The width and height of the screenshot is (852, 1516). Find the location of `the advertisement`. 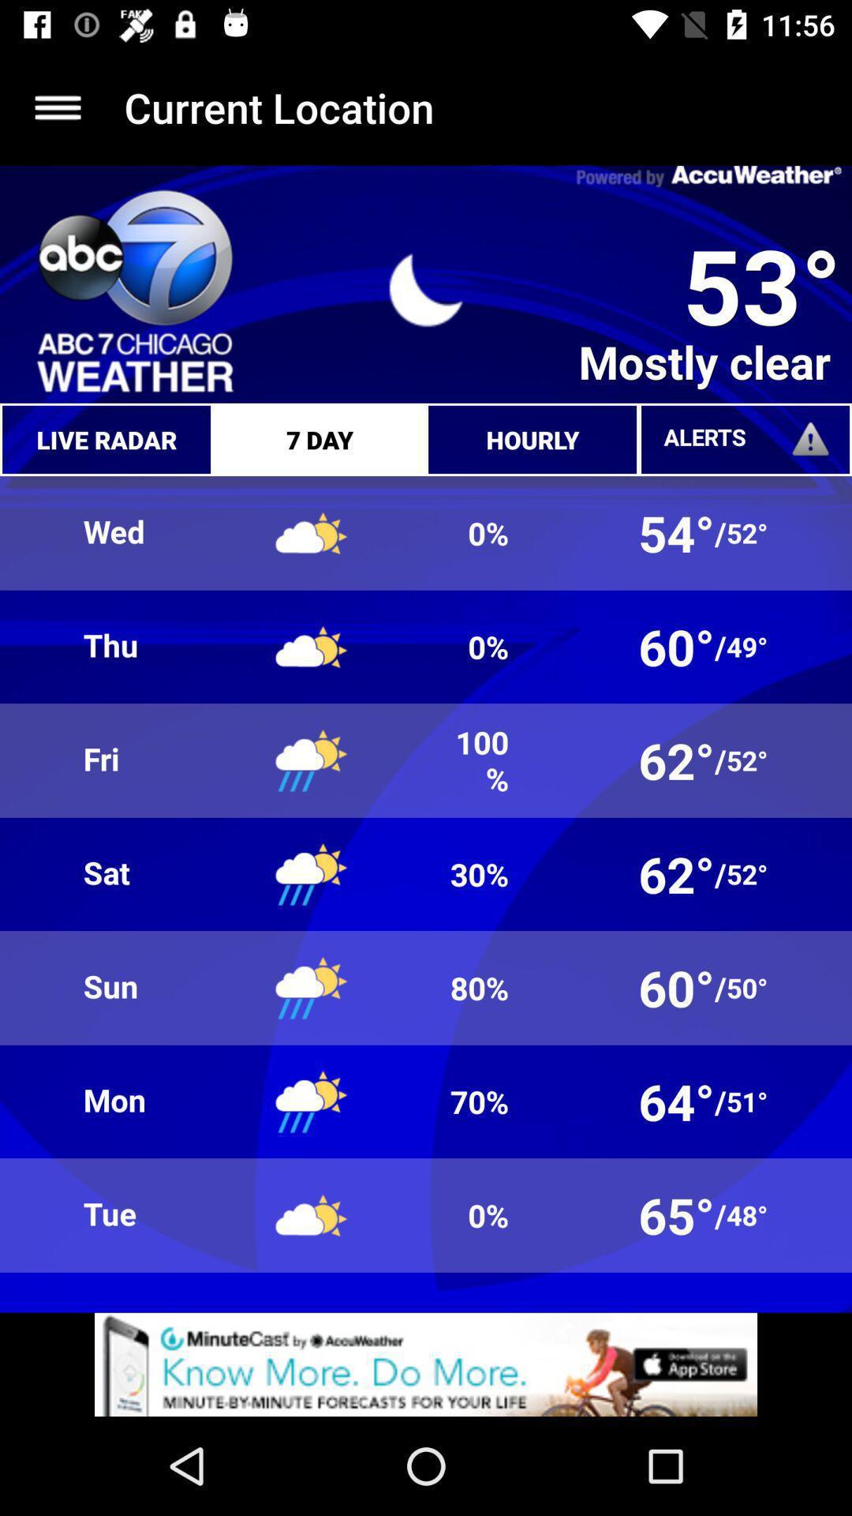

the advertisement is located at coordinates (426, 1364).